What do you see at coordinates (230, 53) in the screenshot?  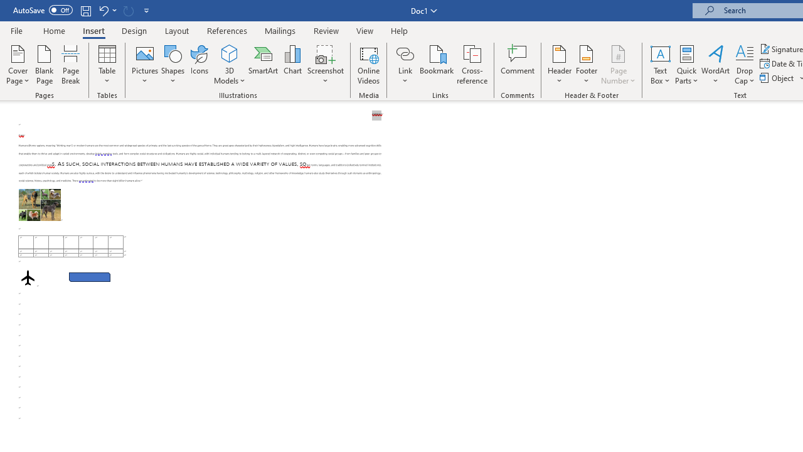 I see `'3D Models'` at bounding box center [230, 53].